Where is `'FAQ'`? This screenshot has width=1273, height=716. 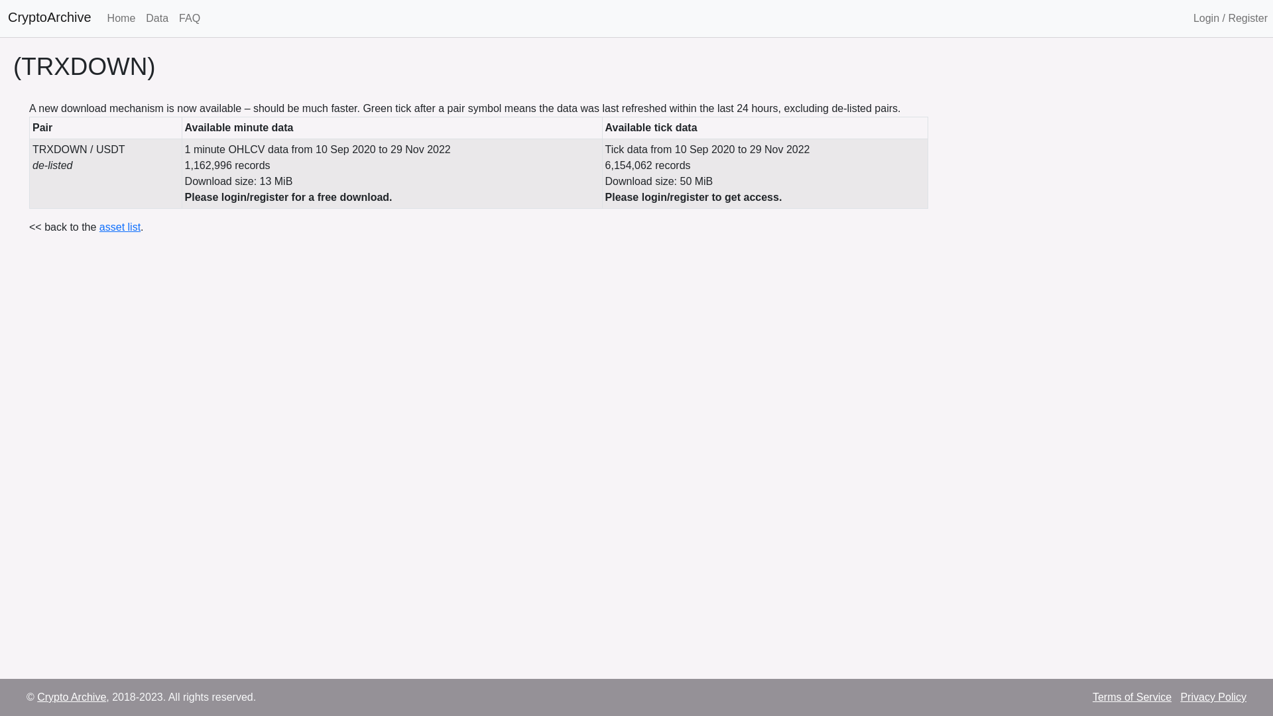
'FAQ' is located at coordinates (189, 18).